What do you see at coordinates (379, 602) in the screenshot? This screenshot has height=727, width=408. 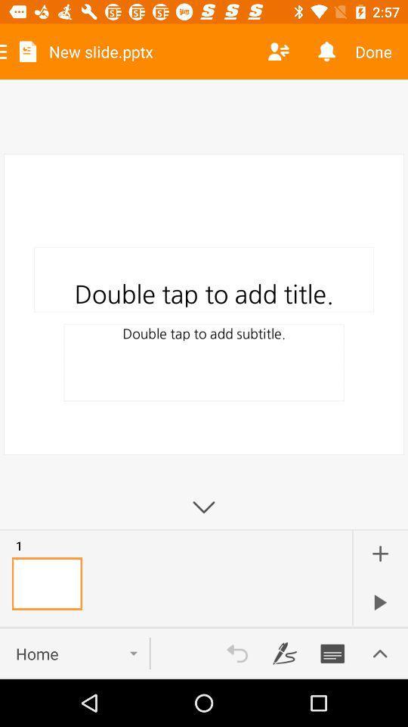 I see `slideshow` at bounding box center [379, 602].